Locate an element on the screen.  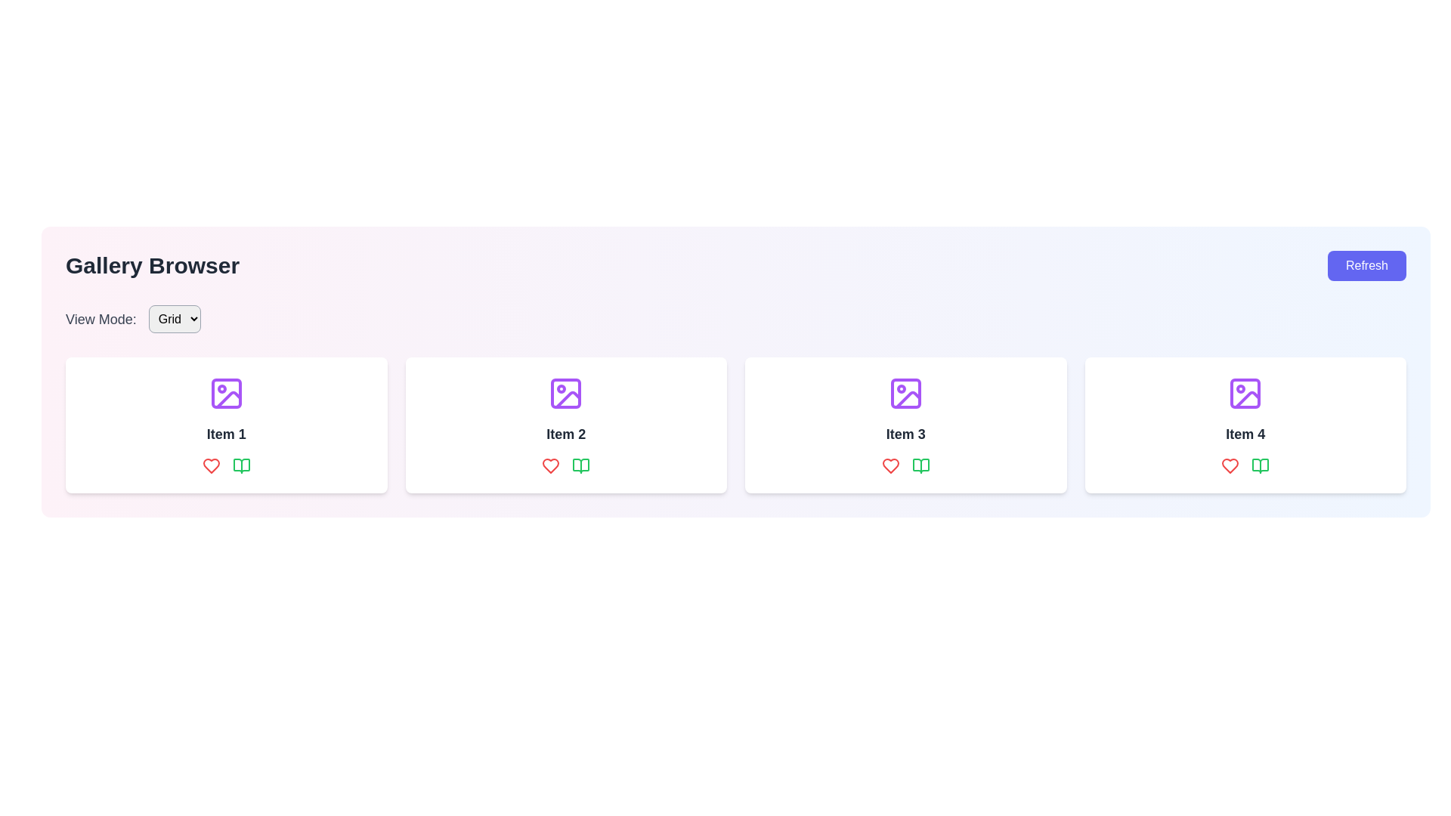
the open book icon, which is green and the second icon in a horizontal group under 'Item 2', located immediately to the right of the heart-shaped red icon is located at coordinates (580, 465).